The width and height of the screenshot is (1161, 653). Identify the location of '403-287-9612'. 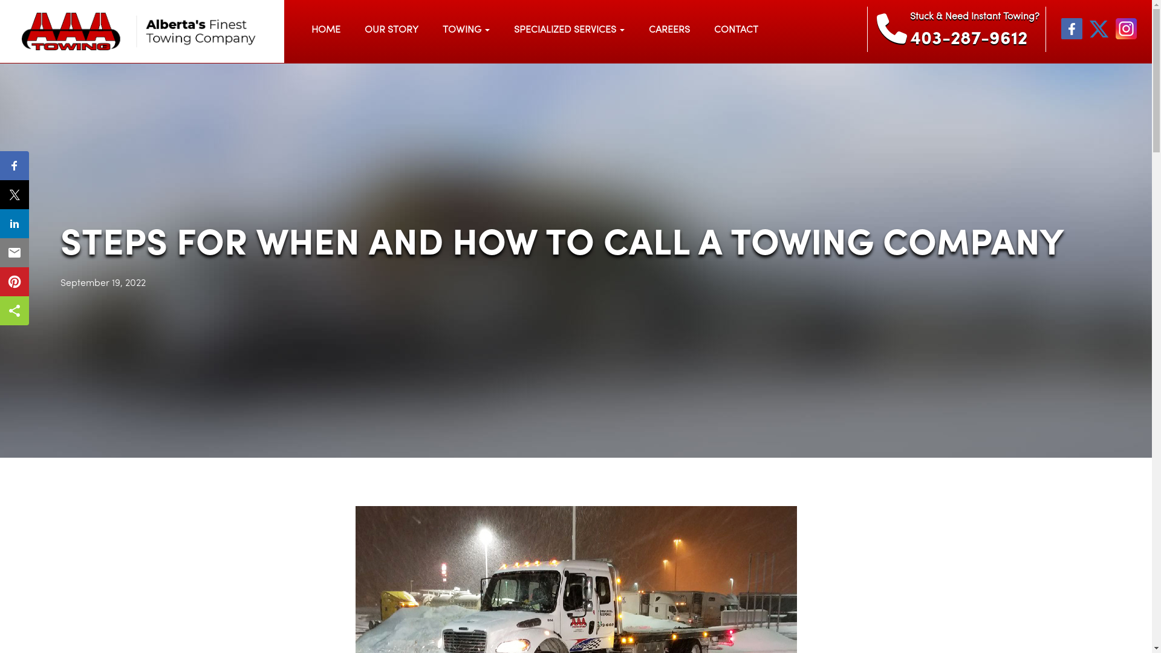
(975, 39).